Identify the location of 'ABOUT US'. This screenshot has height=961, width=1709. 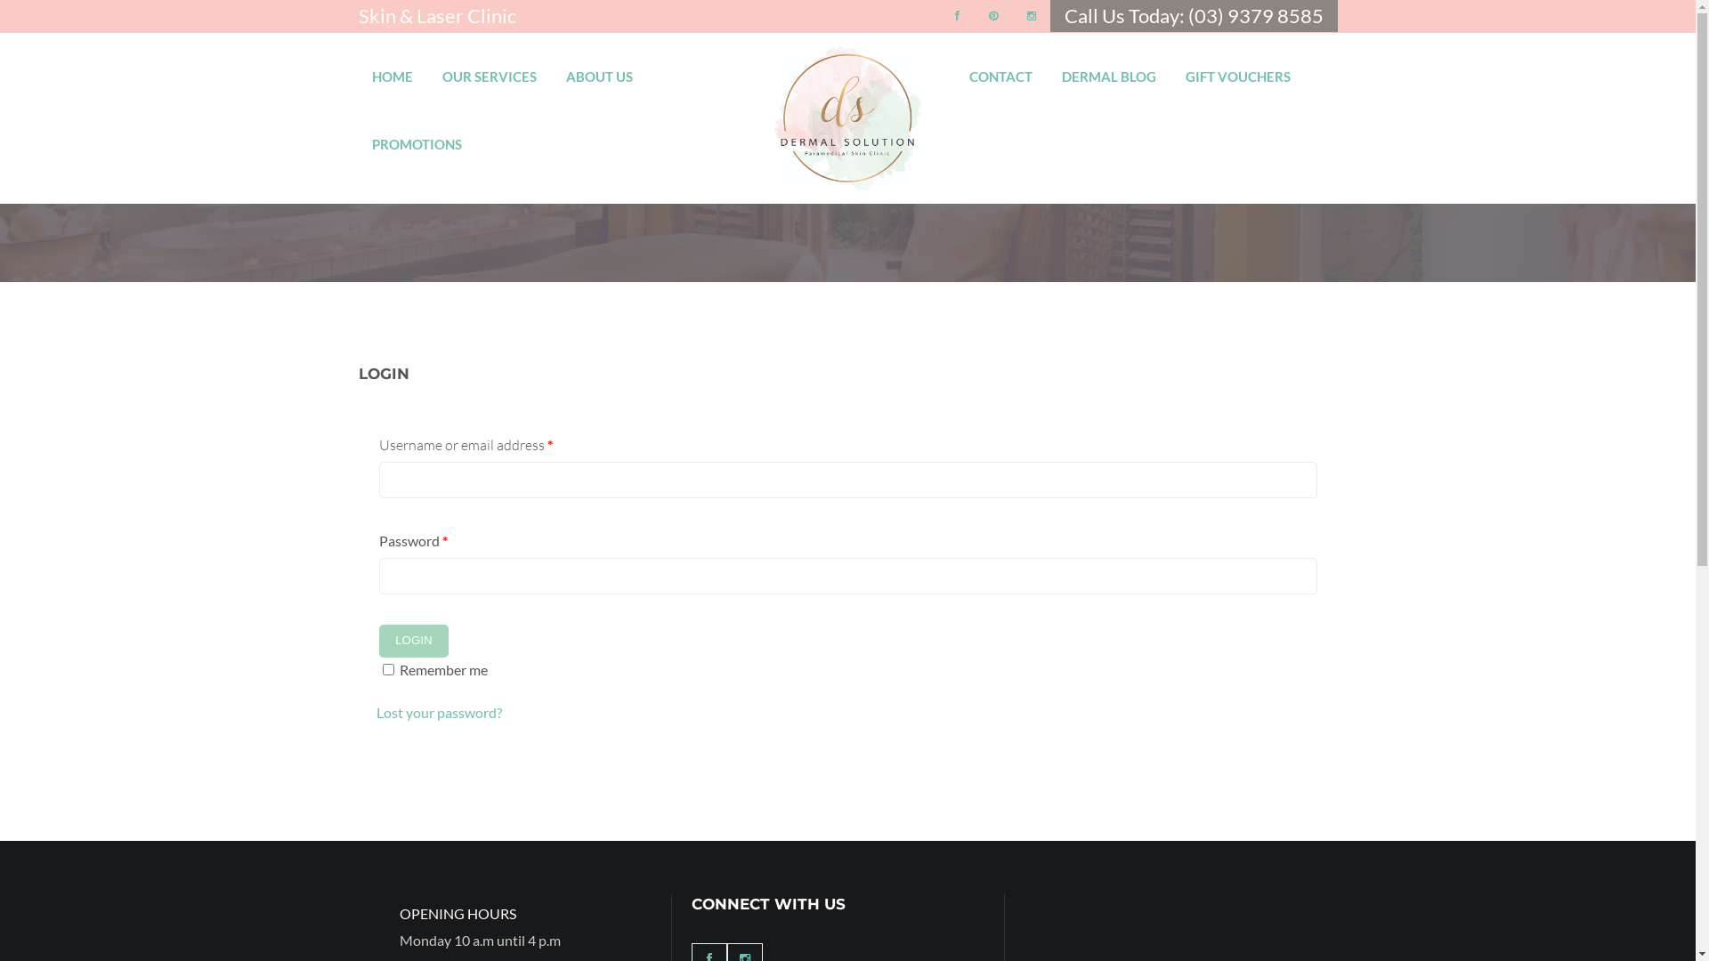
(599, 68).